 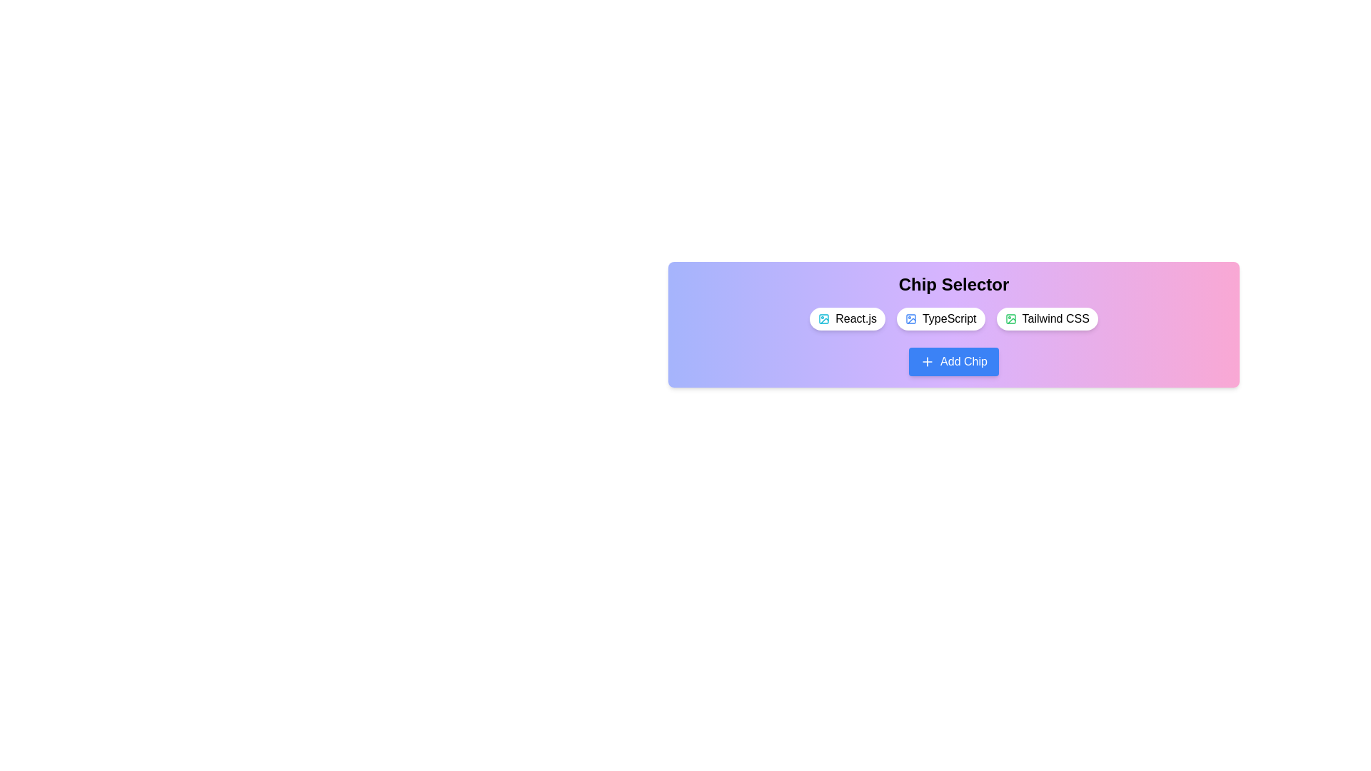 I want to click on the 'TypeScript' Chip component, which is a rounded button-like element with a blue icon and black text, located centrally in the 'Chip Selector' row, so click(x=940, y=318).